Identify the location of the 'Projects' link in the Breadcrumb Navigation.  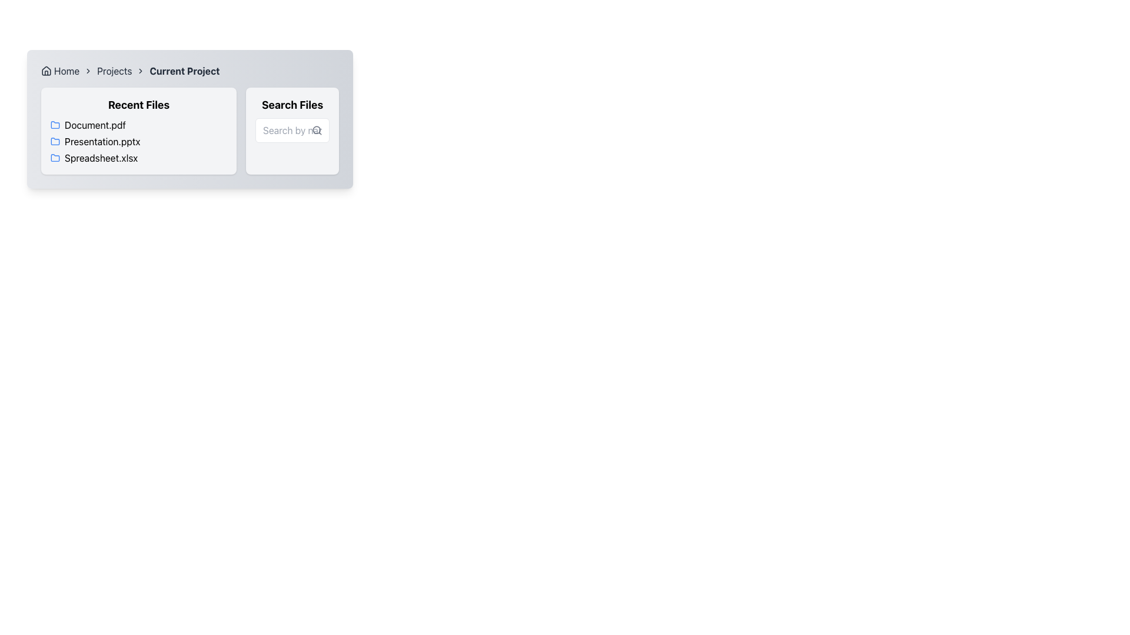
(190, 71).